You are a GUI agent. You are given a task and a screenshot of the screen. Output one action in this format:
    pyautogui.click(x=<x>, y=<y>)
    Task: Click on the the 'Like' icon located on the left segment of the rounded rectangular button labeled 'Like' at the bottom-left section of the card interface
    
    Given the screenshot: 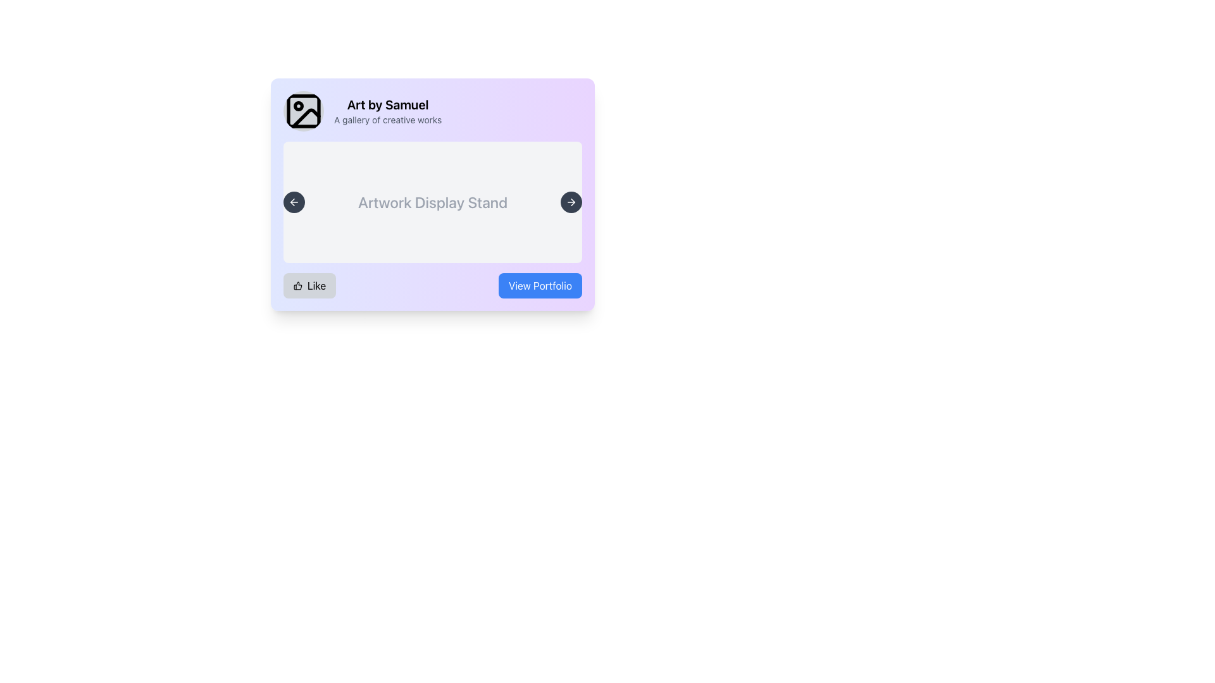 What is the action you would take?
    pyautogui.click(x=297, y=285)
    